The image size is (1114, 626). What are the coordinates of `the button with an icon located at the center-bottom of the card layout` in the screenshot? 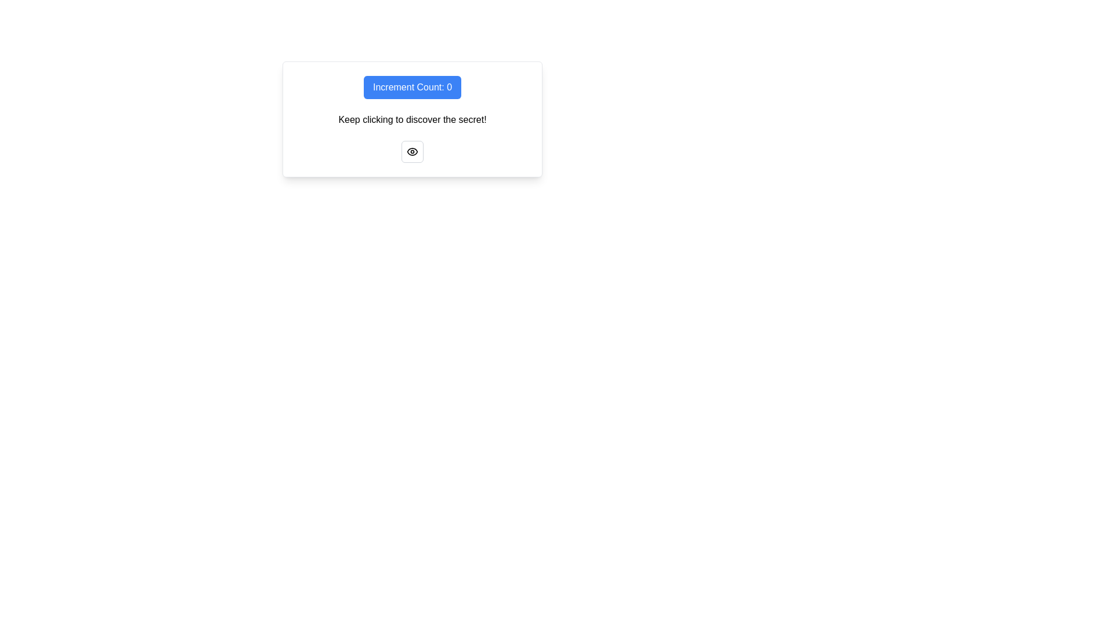 It's located at (412, 151).